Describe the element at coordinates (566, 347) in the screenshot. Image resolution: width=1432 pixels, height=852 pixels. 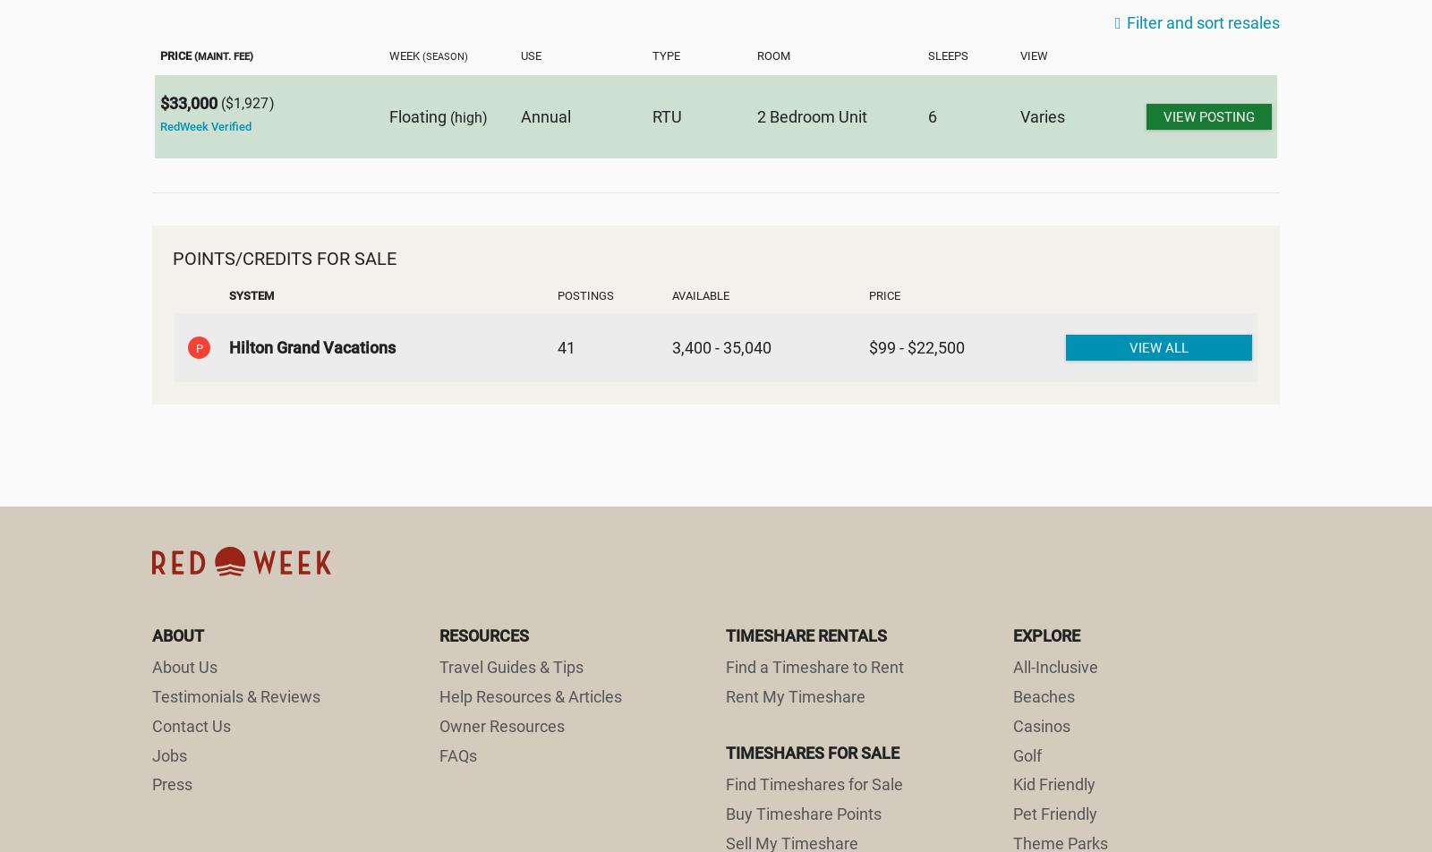
I see `'41'` at that location.